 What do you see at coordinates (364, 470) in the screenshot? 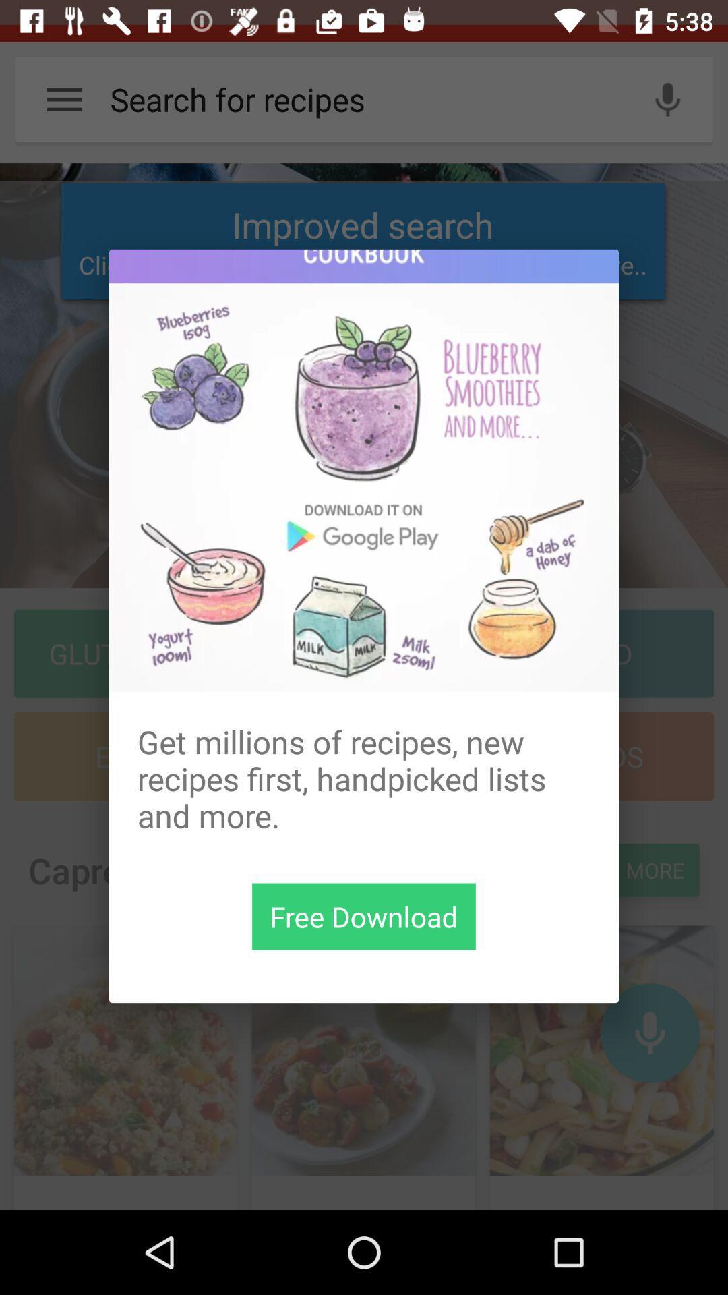
I see `download it on google play` at bounding box center [364, 470].